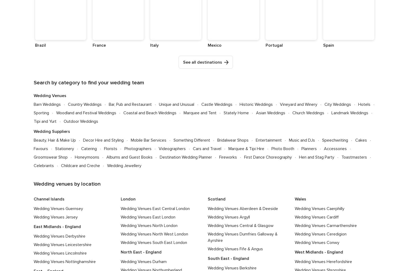  What do you see at coordinates (361, 139) in the screenshot?
I see `'Cakes'` at bounding box center [361, 139].